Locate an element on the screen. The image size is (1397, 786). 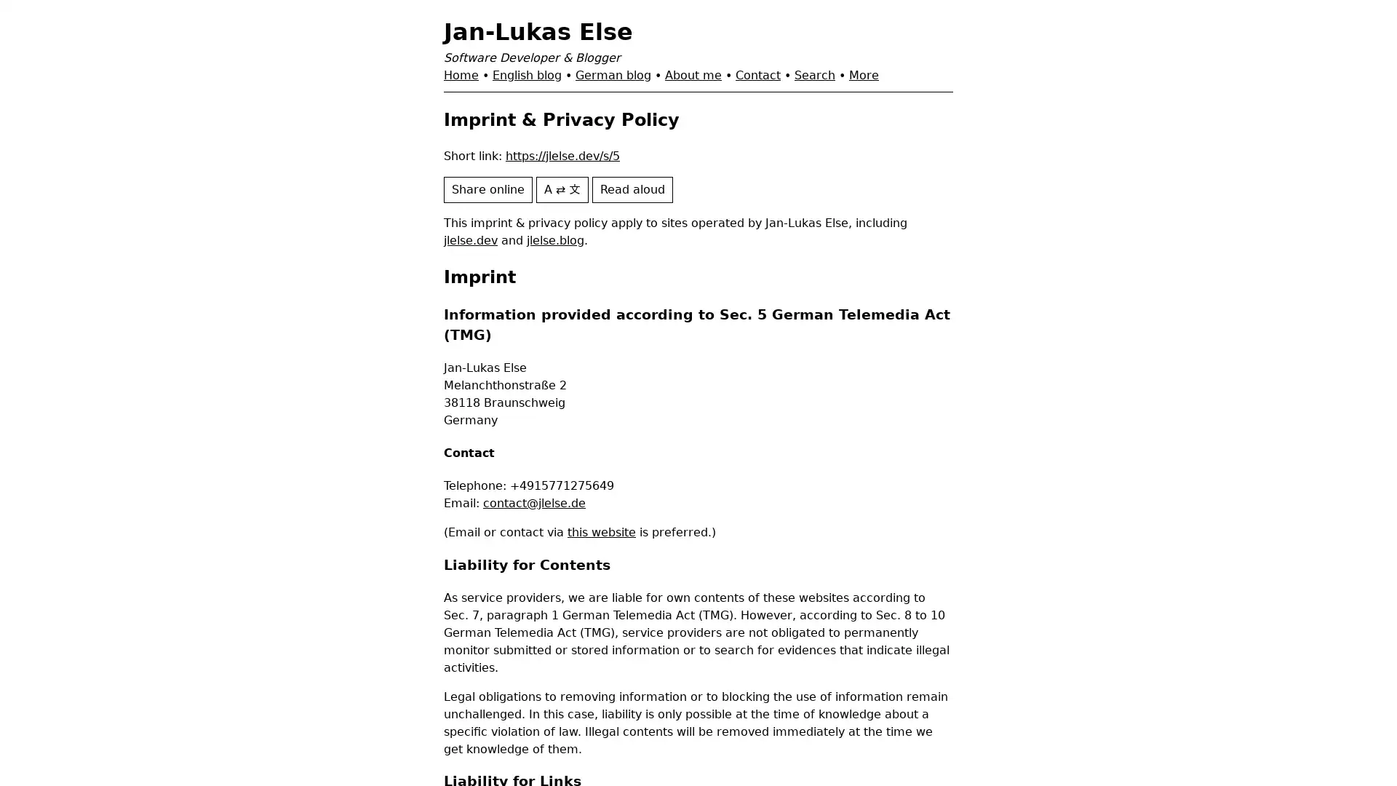
Read aloud is located at coordinates (632, 188).